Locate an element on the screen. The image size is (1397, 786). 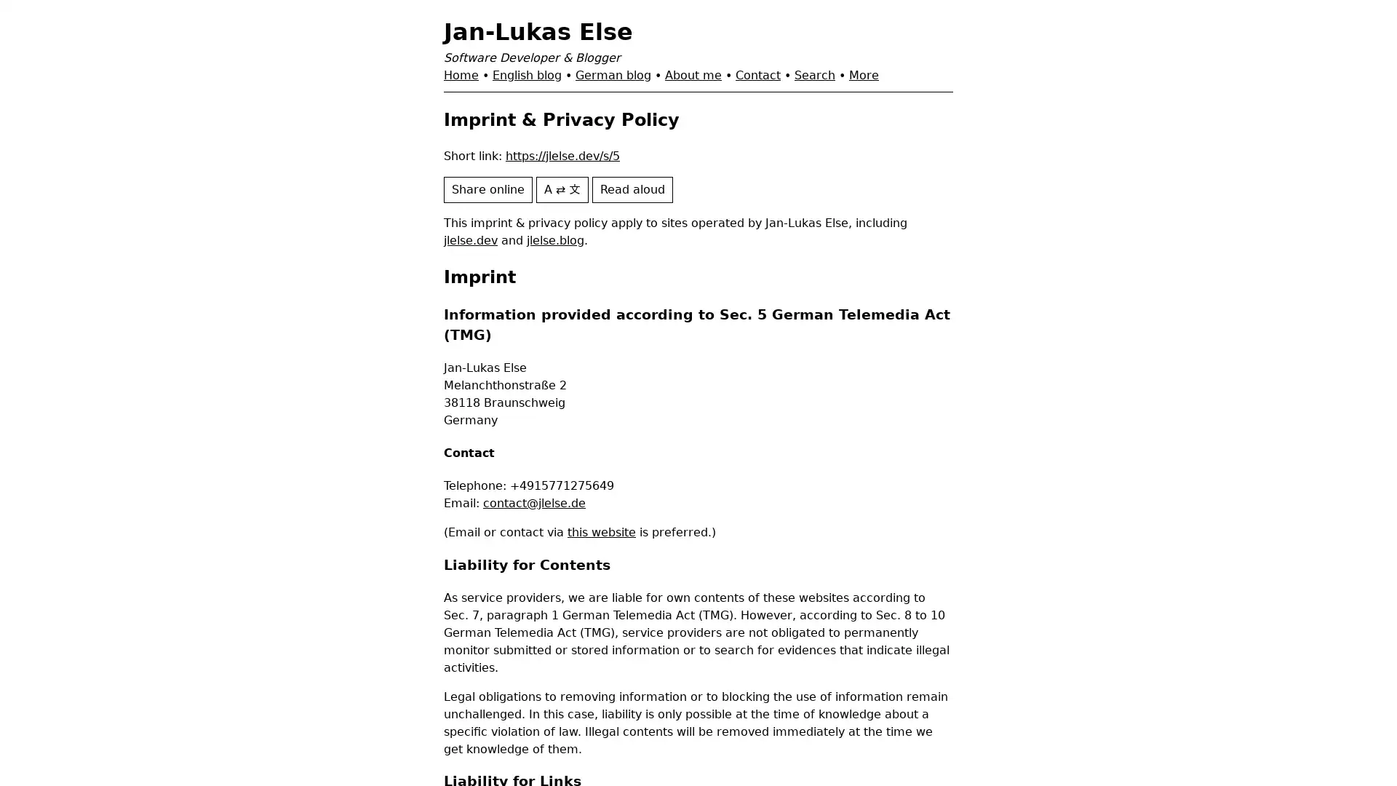
Read aloud is located at coordinates (632, 188).